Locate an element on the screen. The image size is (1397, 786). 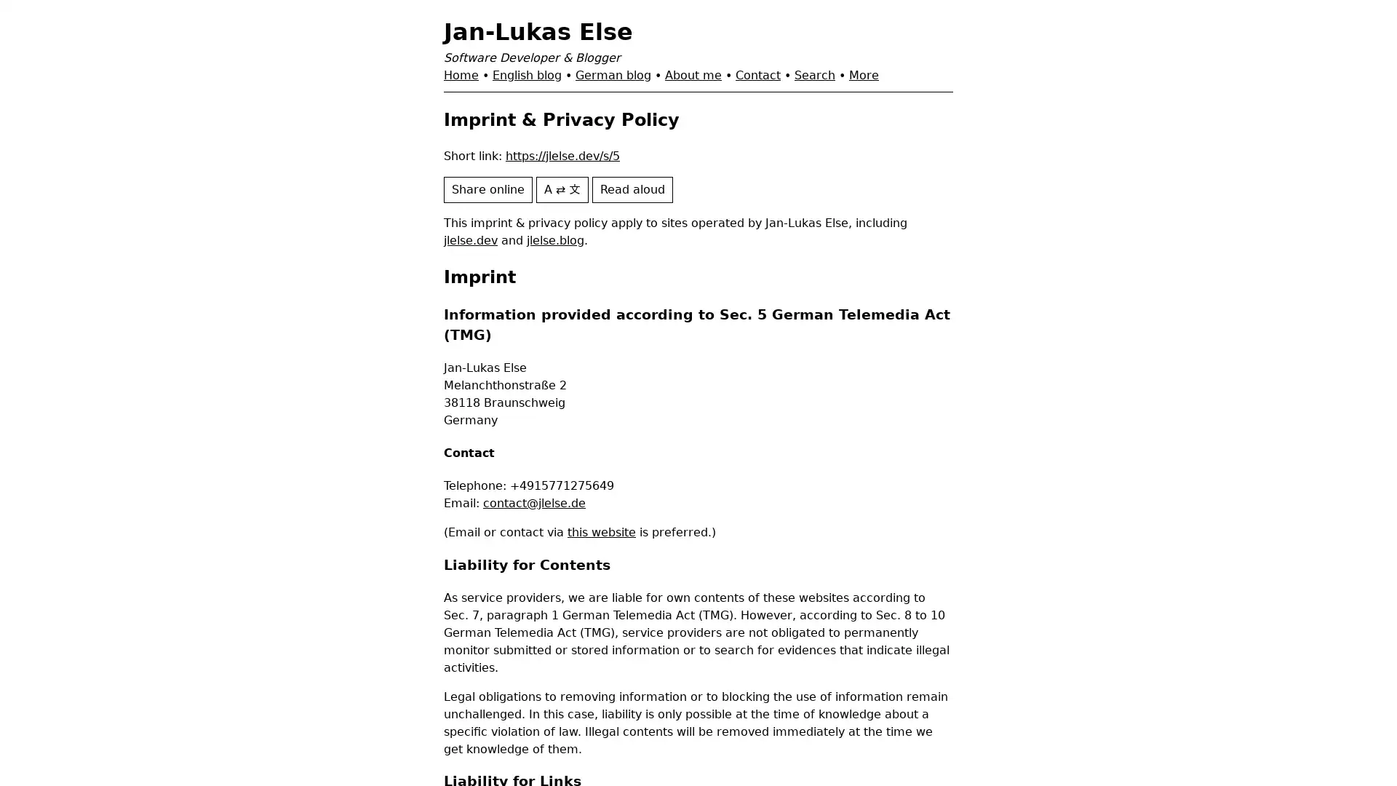
Read aloud is located at coordinates (632, 188).